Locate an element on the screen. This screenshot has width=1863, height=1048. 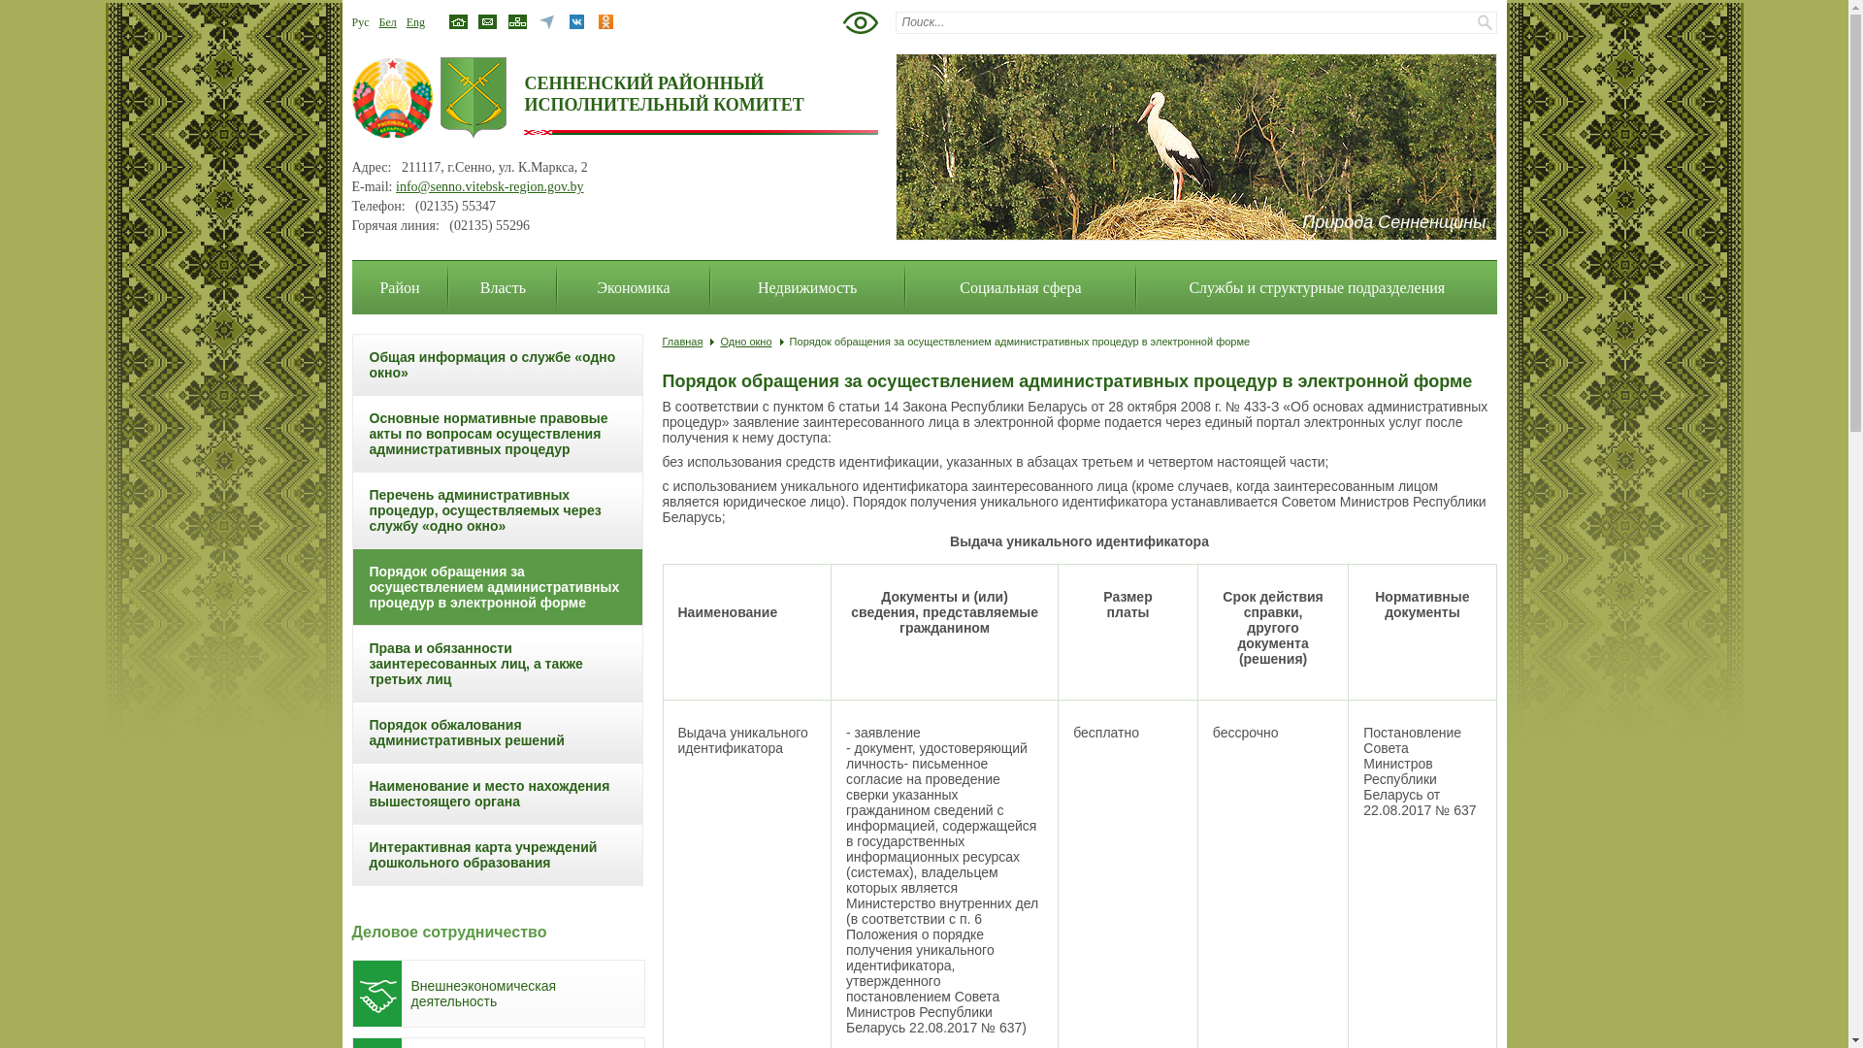
'telegram' is located at coordinates (545, 21).